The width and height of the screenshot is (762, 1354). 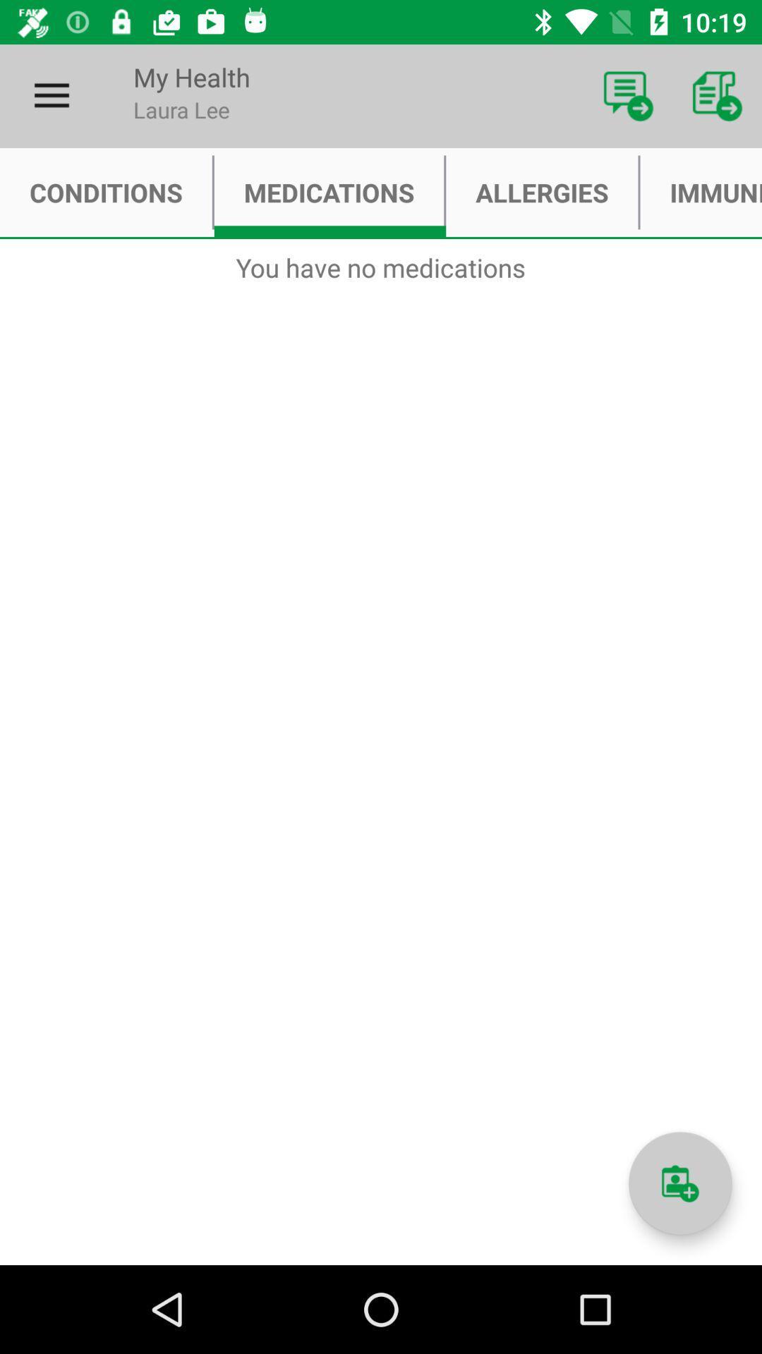 What do you see at coordinates (628, 95) in the screenshot?
I see `item to the right of the my health` at bounding box center [628, 95].